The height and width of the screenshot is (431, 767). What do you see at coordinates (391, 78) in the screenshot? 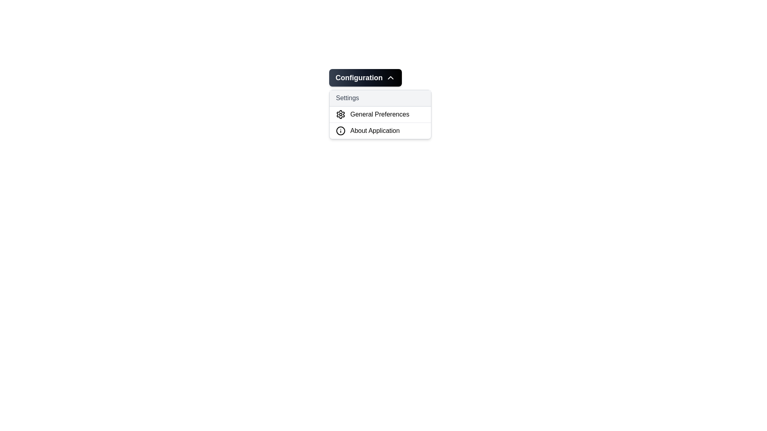
I see `the compact upward-pointing chevron icon adjacent to the 'Configuration' label within the dark rounded rectangular button in the settings menu` at bounding box center [391, 78].